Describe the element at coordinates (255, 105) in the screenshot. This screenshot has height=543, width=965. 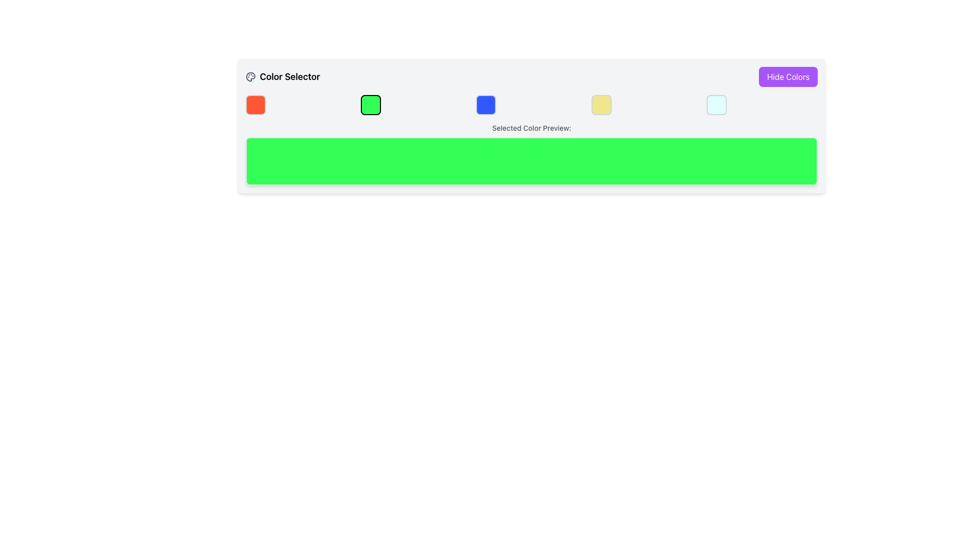
I see `the first color option button in the selection grid` at that location.